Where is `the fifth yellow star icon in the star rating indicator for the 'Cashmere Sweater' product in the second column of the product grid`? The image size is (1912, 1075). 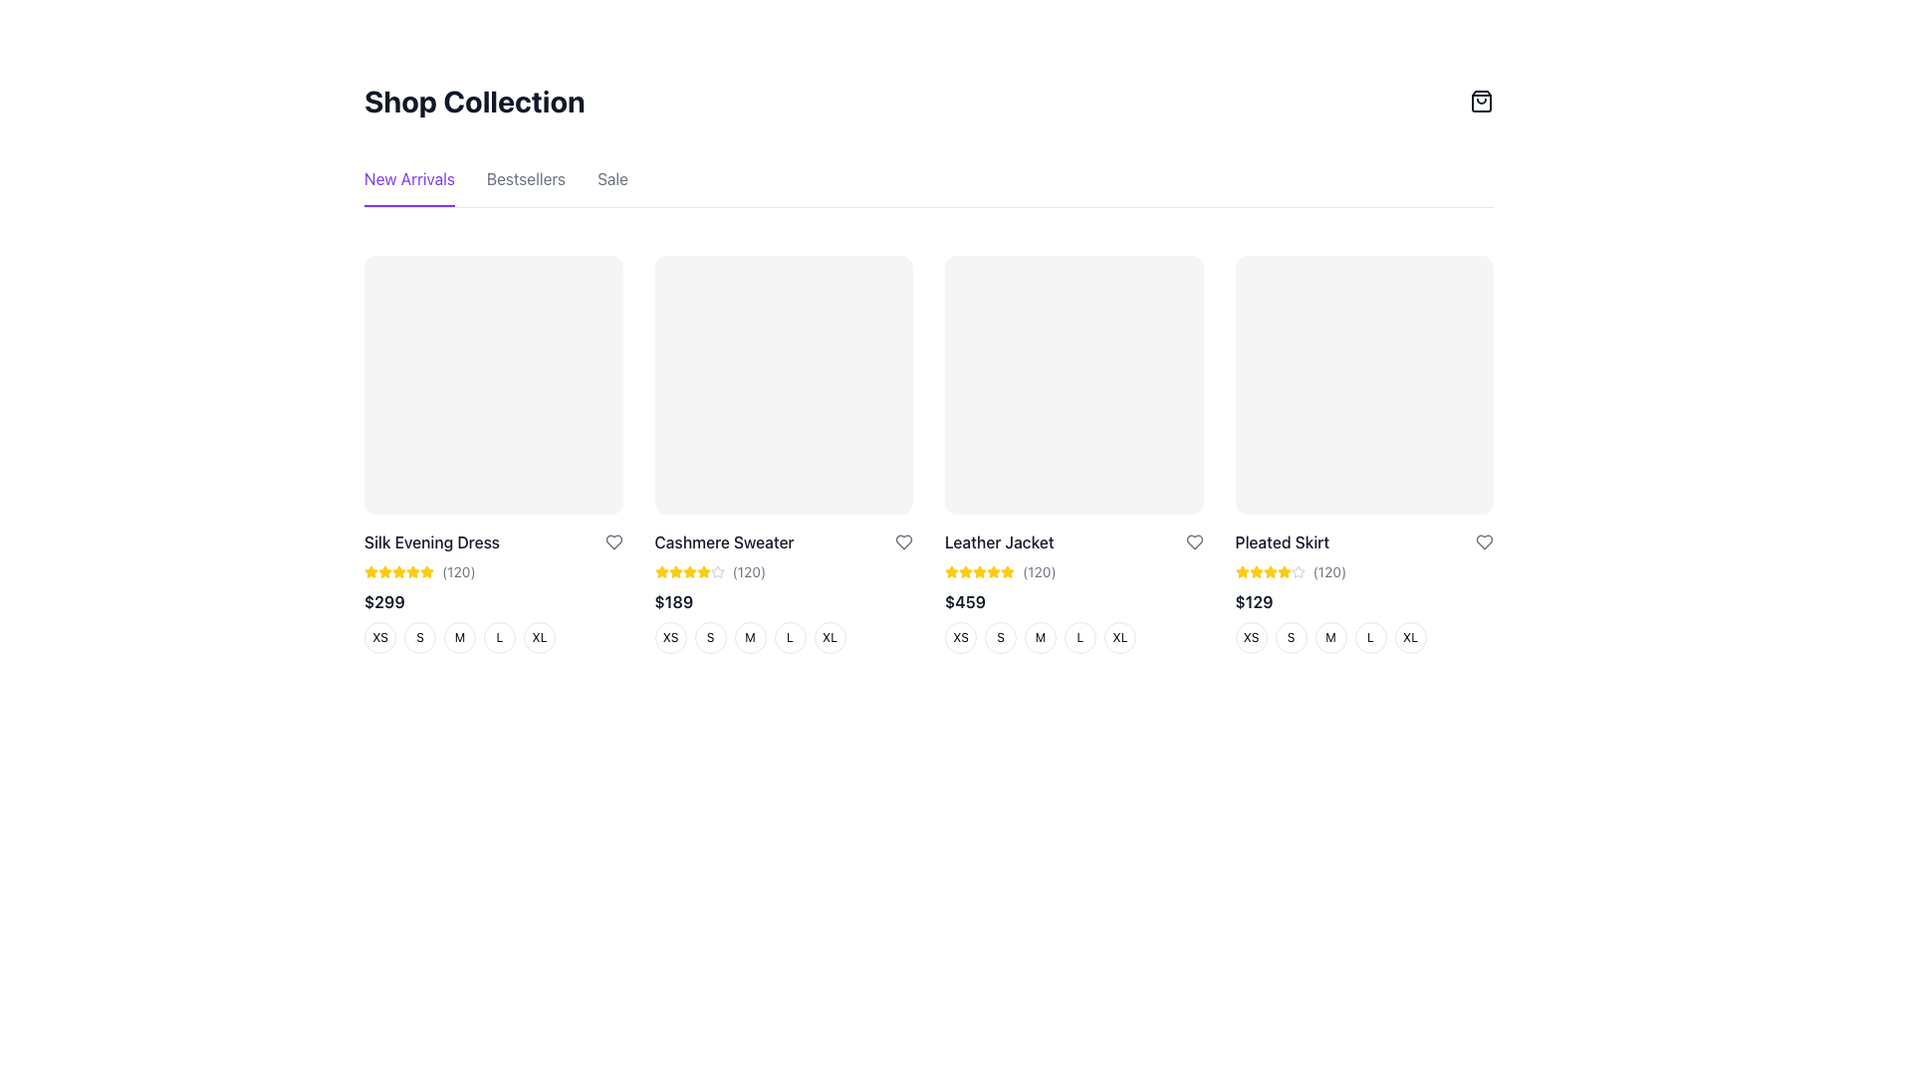
the fifth yellow star icon in the star rating indicator for the 'Cashmere Sweater' product in the second column of the product grid is located at coordinates (703, 571).